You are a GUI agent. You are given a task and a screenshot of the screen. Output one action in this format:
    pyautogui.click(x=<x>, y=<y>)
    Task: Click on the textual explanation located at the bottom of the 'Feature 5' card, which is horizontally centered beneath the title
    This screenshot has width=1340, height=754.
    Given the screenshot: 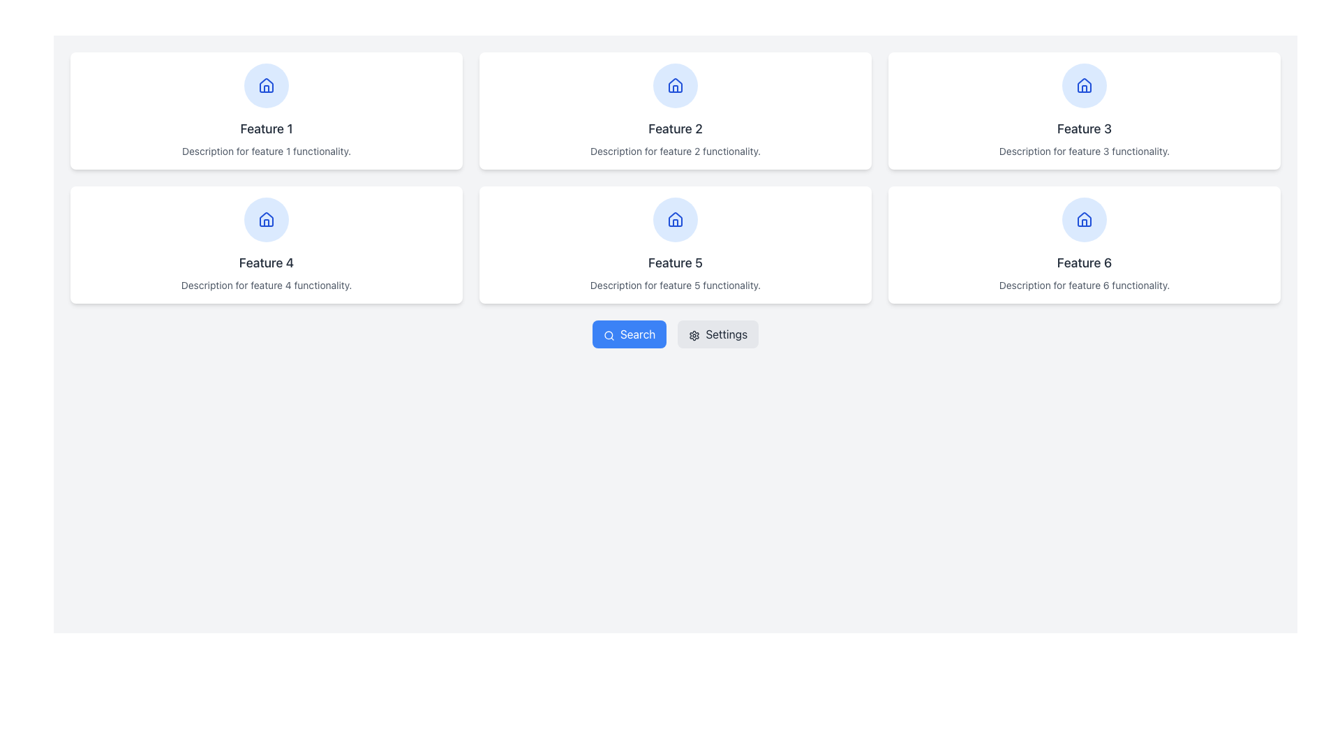 What is the action you would take?
    pyautogui.click(x=676, y=284)
    